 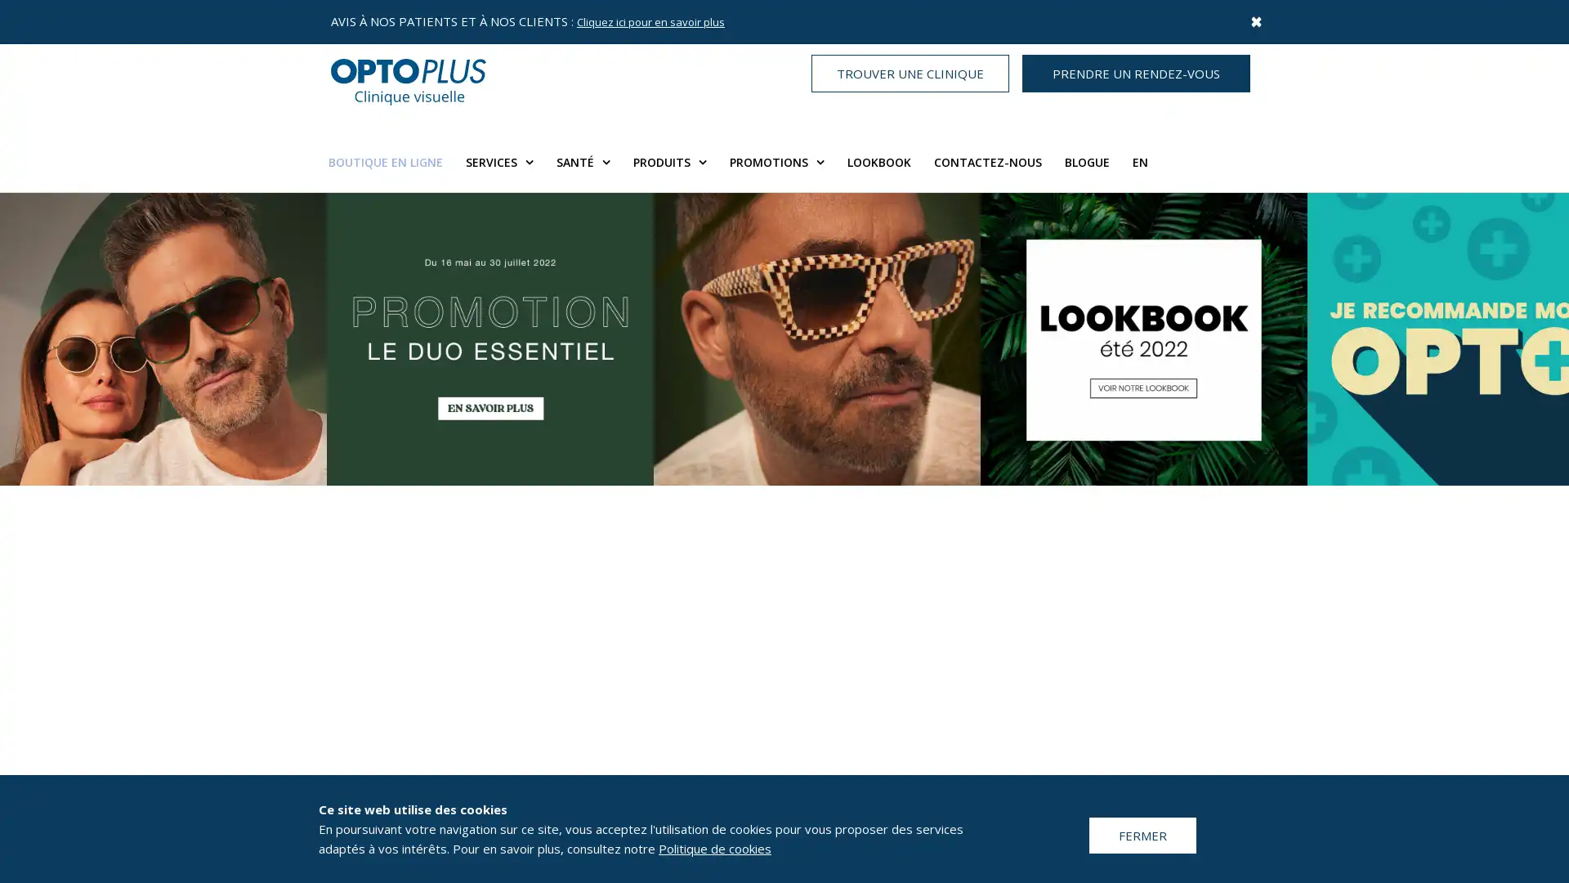 I want to click on PRENDRE UN RENDEZ-VOUS, so click(x=1135, y=72).